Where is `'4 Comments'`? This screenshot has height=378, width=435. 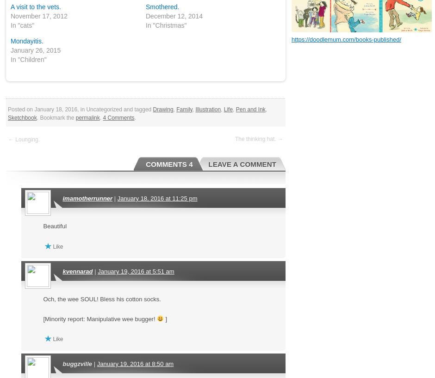
'4 Comments' is located at coordinates (118, 117).